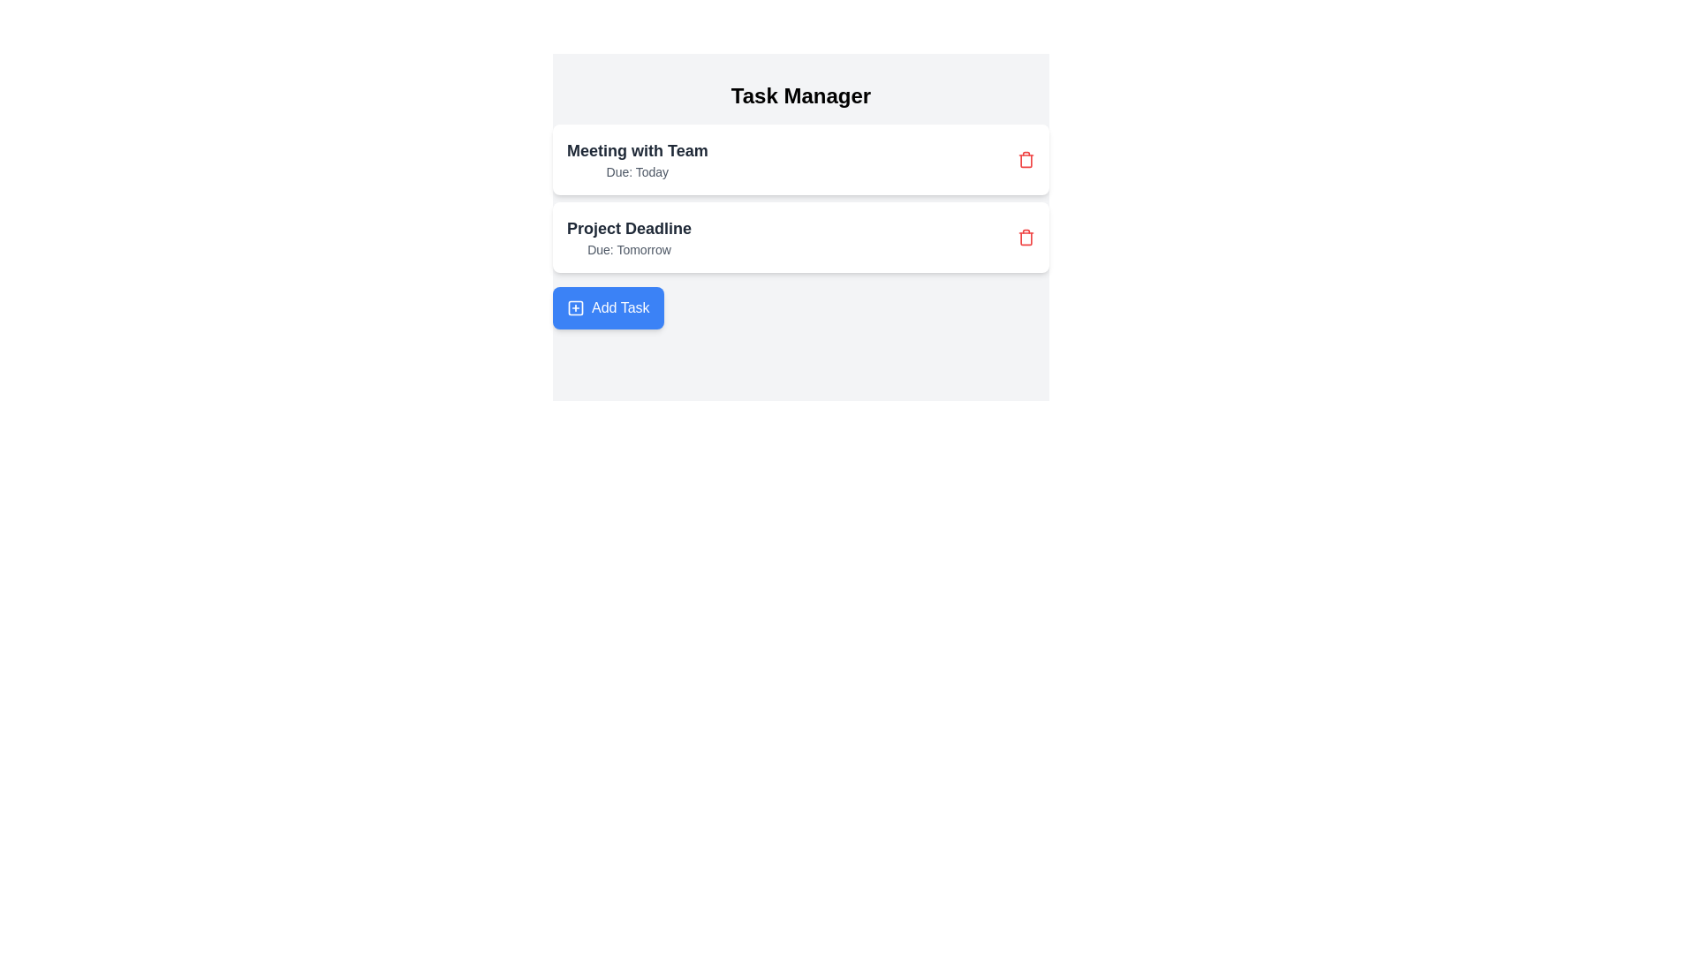 This screenshot has height=954, width=1696. What do you see at coordinates (629, 227) in the screenshot?
I see `the text label that reads 'Project Deadline', which is styled in bold and slightly larger than the surrounding text, located in the second entry under 'Task Manager'` at bounding box center [629, 227].